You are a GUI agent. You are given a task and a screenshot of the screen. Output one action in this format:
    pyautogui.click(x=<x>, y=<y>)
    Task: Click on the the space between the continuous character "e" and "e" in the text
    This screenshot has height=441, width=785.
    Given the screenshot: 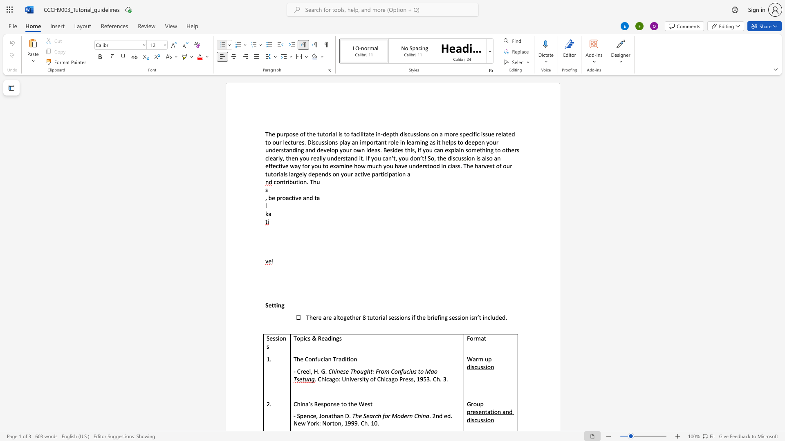 What is the action you would take?
    pyautogui.click(x=305, y=371)
    